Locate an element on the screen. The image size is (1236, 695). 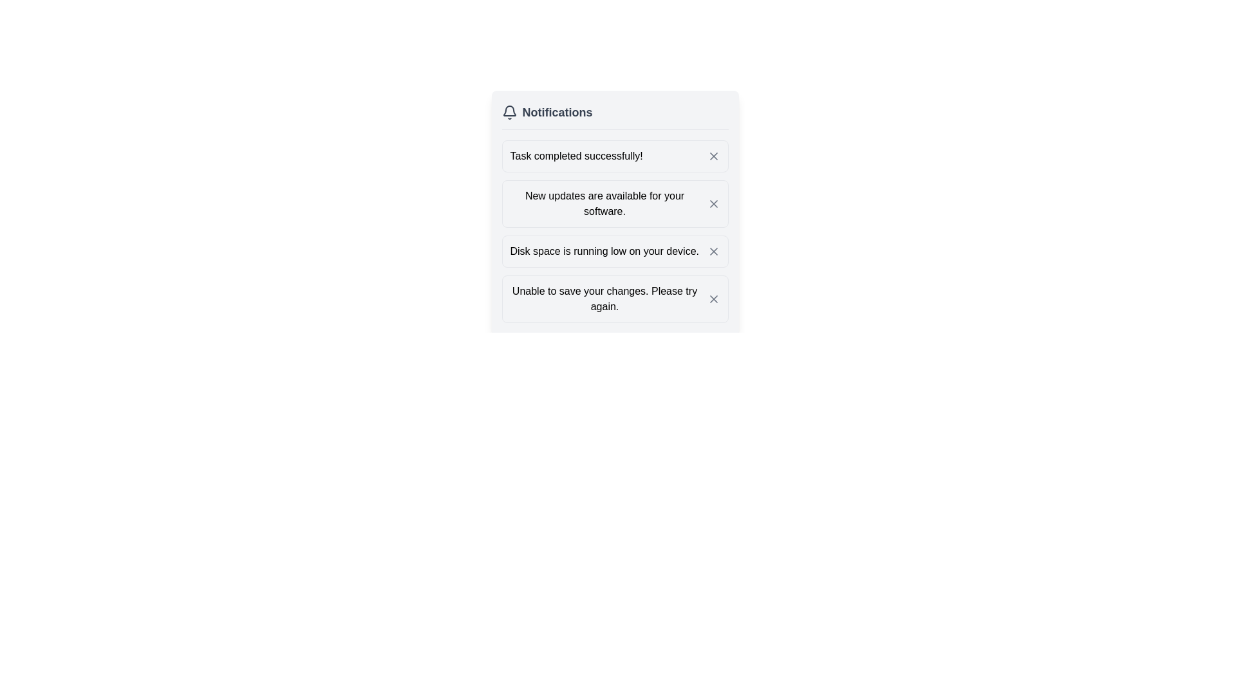
notification card that alerts the user about low disk space, which is positioned third in the notifications list is located at coordinates (614, 251).